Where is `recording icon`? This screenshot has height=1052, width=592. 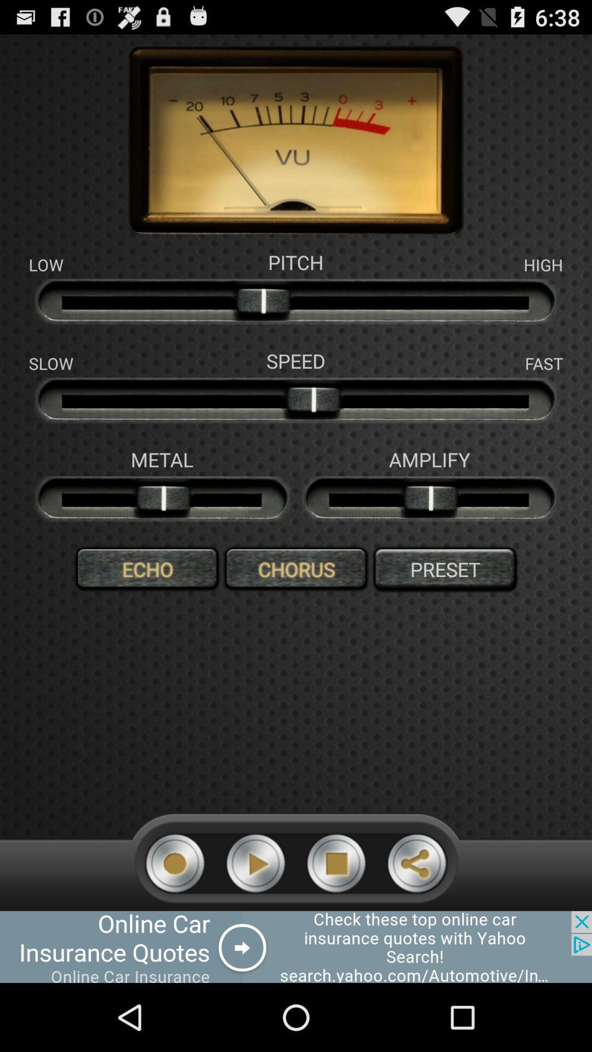 recording icon is located at coordinates (174, 863).